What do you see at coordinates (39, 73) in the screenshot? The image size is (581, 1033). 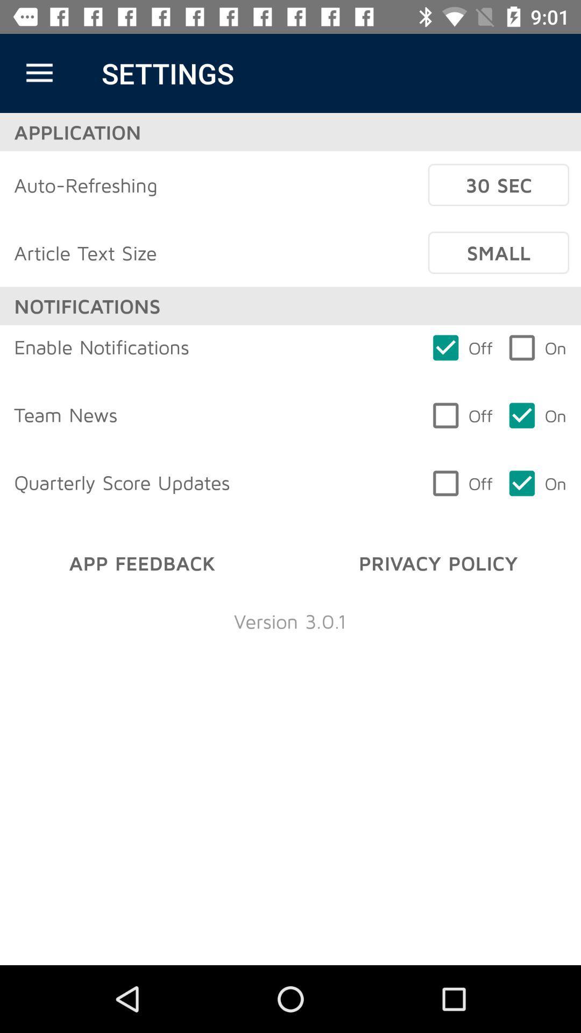 I see `the item to the left of settings` at bounding box center [39, 73].